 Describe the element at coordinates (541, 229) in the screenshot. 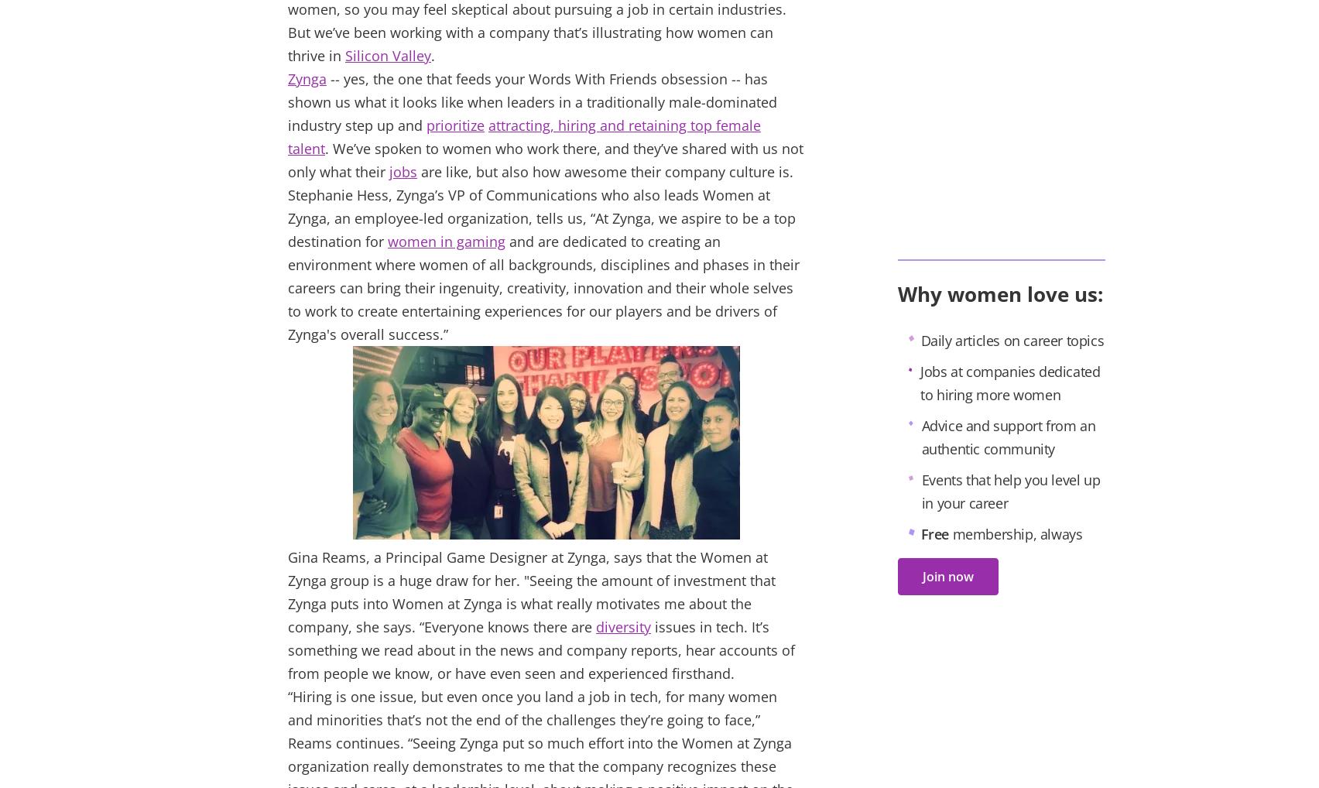

I see `'At Zynga, we aspire to be a top destination for'` at that location.